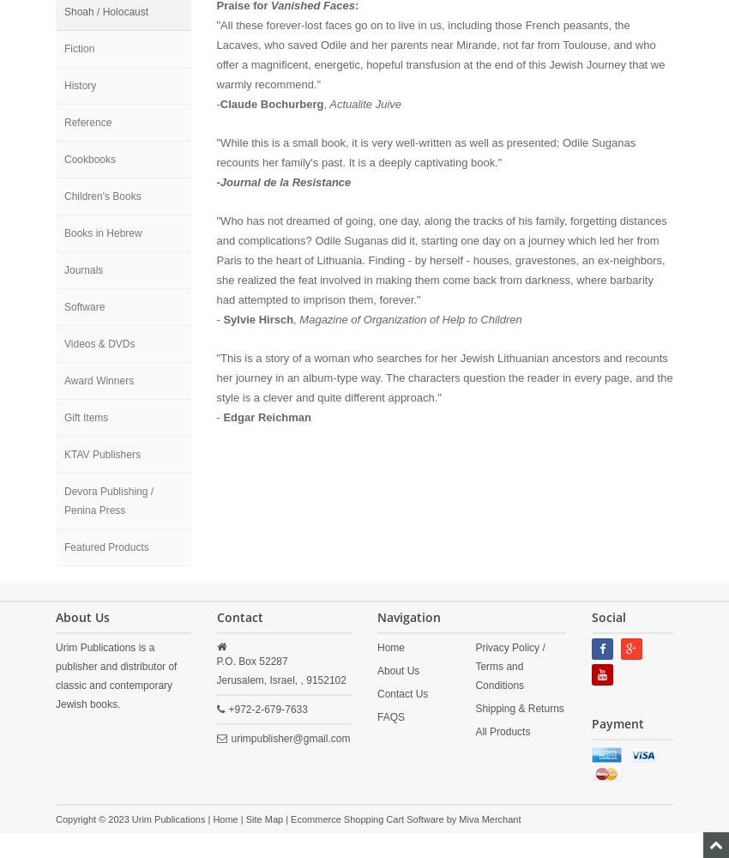  What do you see at coordinates (283, 181) in the screenshot?
I see `'-Journal de la Resistance'` at bounding box center [283, 181].